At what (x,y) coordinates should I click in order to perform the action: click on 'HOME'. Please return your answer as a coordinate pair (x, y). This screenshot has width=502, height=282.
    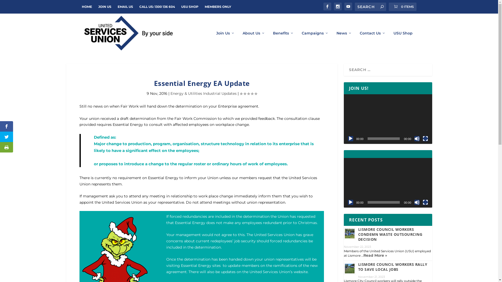
    Looking at the image, I should click on (81, 7).